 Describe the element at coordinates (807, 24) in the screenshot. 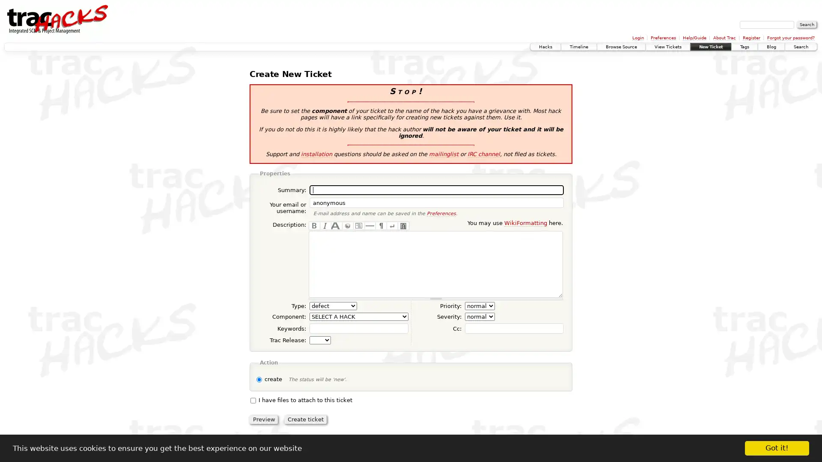

I see `Search` at that location.